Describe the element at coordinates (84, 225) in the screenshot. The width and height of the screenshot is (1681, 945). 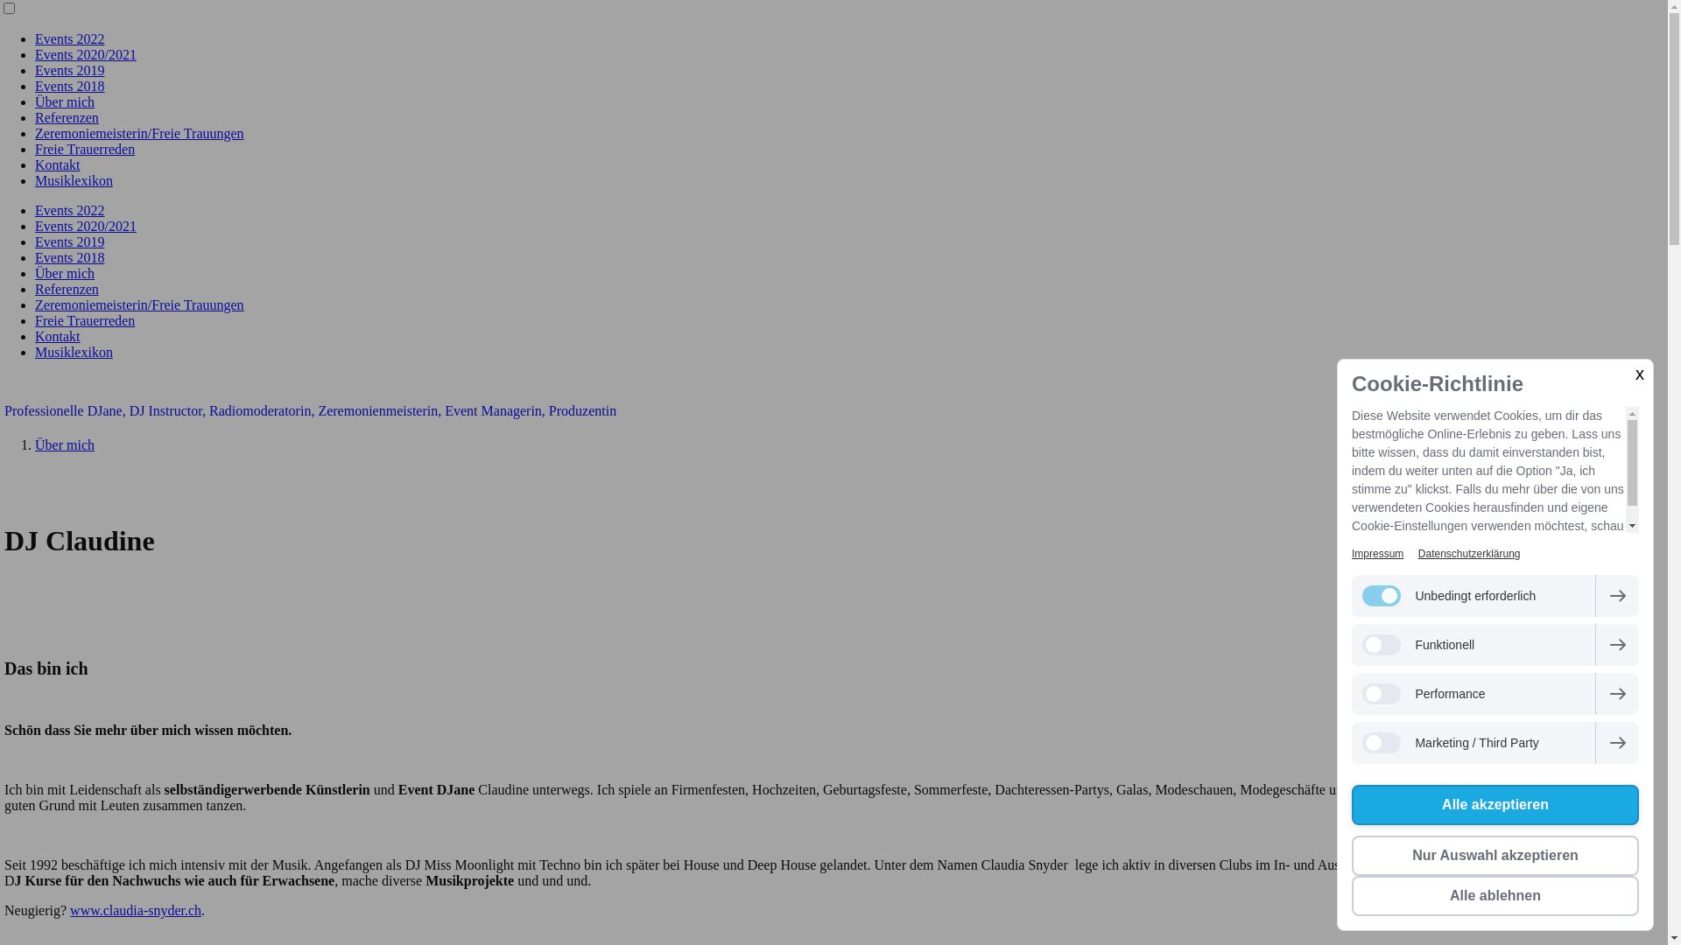
I see `'Events 2020/2021'` at that location.